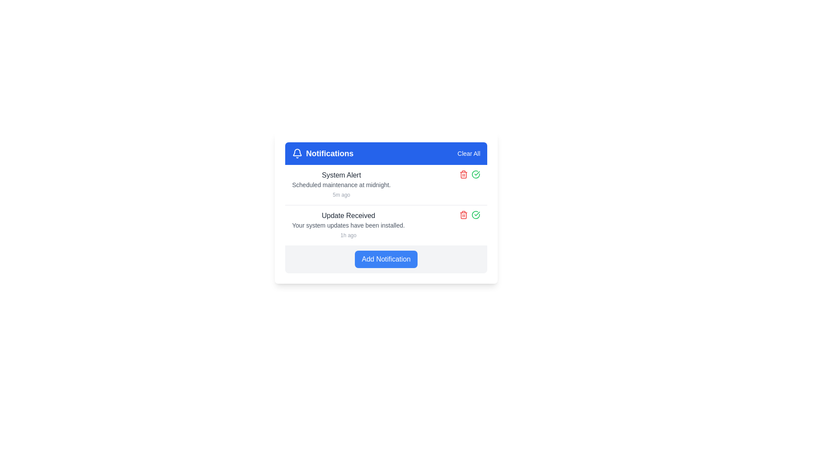  Describe the element at coordinates (341, 194) in the screenshot. I see `the Small text display that shows the timestamp indicating the time elapsed since the notification occurred, located within the 'System Alert' notification card and positioned below the alert description text 'Scheduled maintenance at midnight.'` at that location.